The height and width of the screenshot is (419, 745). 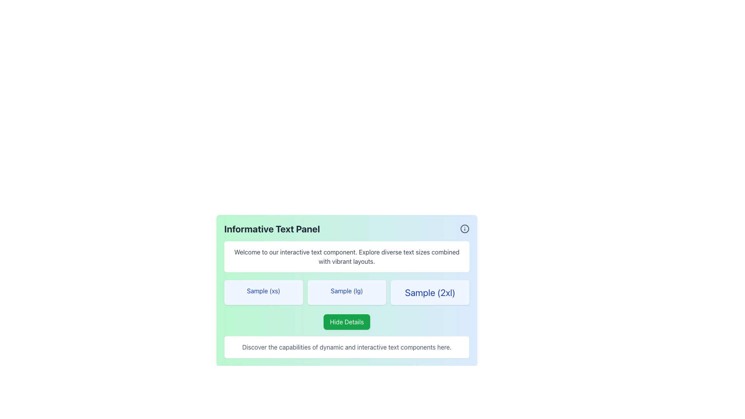 I want to click on the button that hides additional details, located centrally below the 'Sample (xs)', 'Sample (lg)', and 'Sample (2xl)' buttons and above the interactive text components section, so click(x=346, y=322).